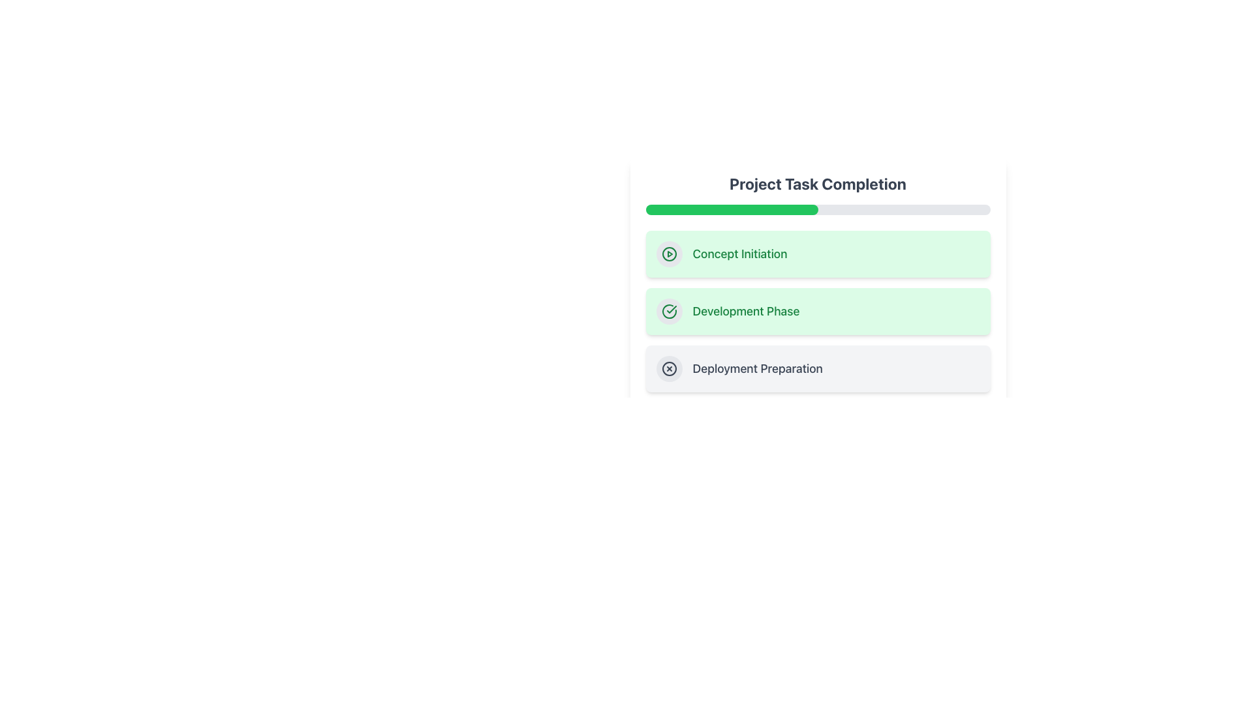  Describe the element at coordinates (817, 183) in the screenshot. I see `the Text Display element that serves as a title for the section, positioned at the top of the card-like interface box` at that location.